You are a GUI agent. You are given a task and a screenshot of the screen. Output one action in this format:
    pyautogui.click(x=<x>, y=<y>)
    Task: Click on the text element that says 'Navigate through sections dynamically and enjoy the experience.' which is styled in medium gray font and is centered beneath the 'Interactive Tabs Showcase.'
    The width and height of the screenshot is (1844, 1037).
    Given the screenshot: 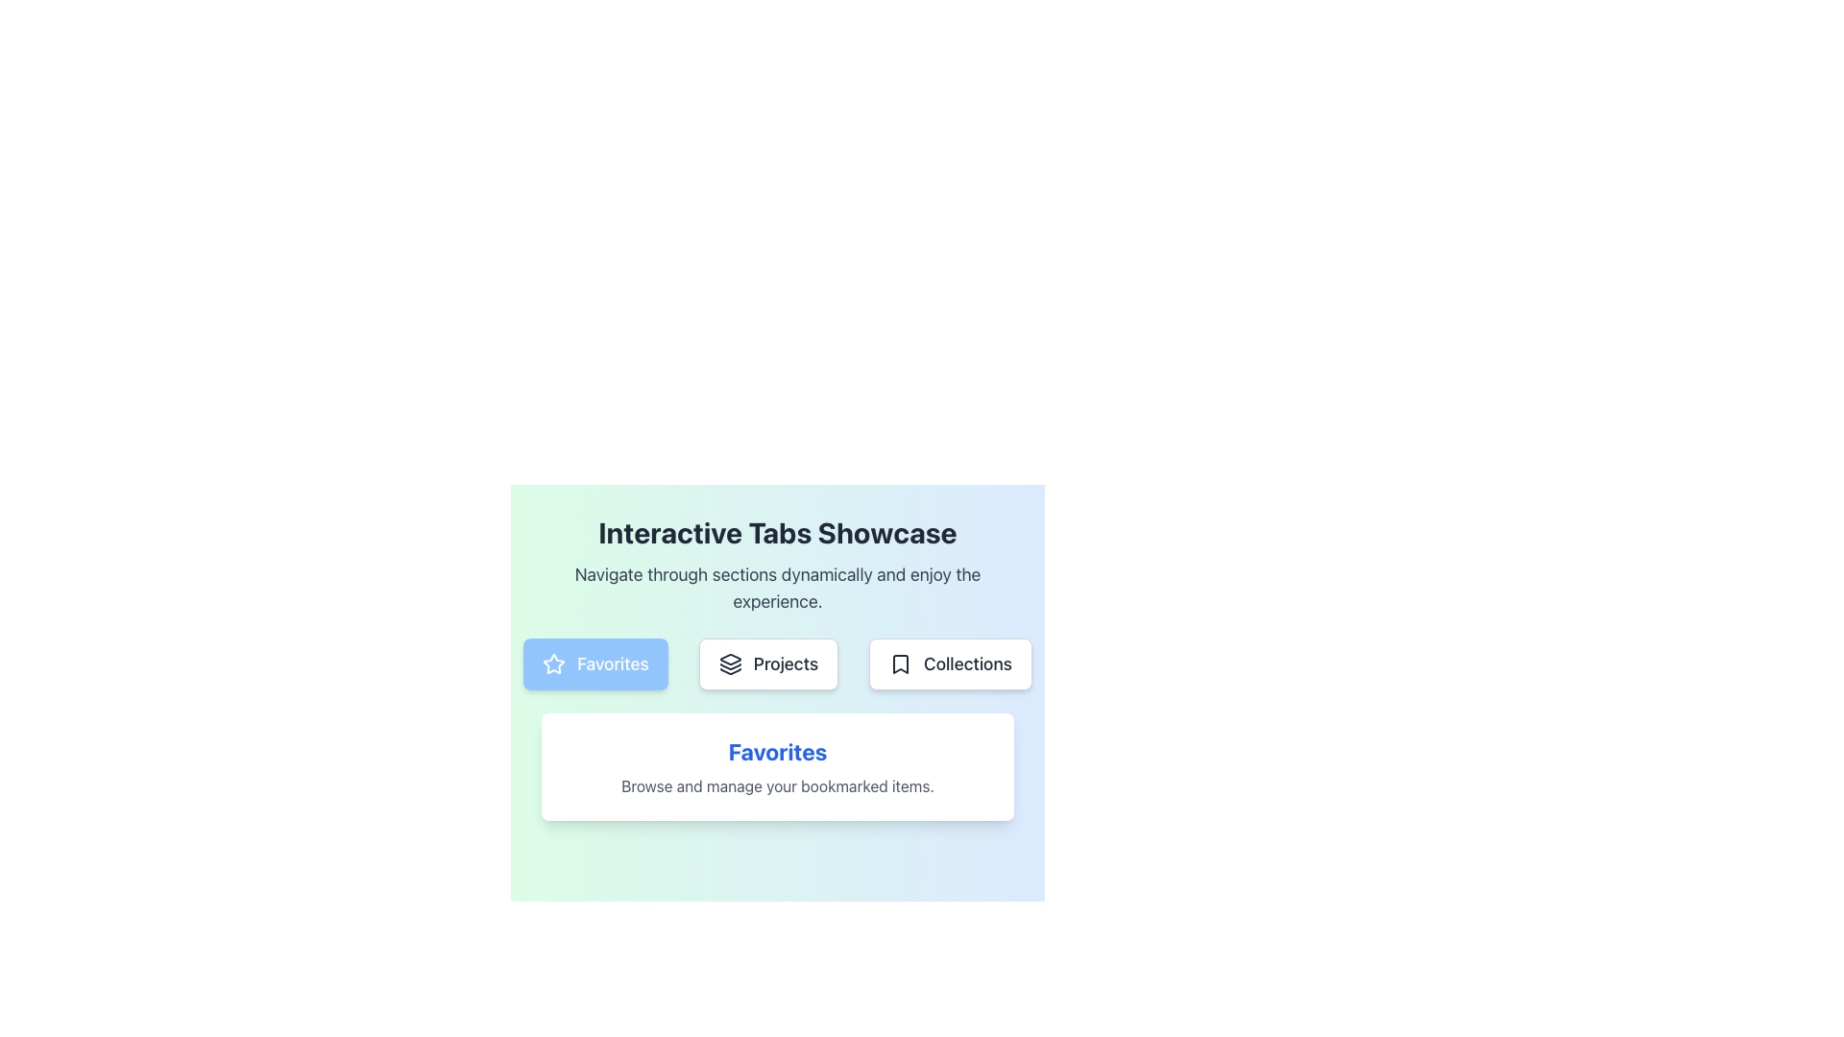 What is the action you would take?
    pyautogui.click(x=778, y=588)
    